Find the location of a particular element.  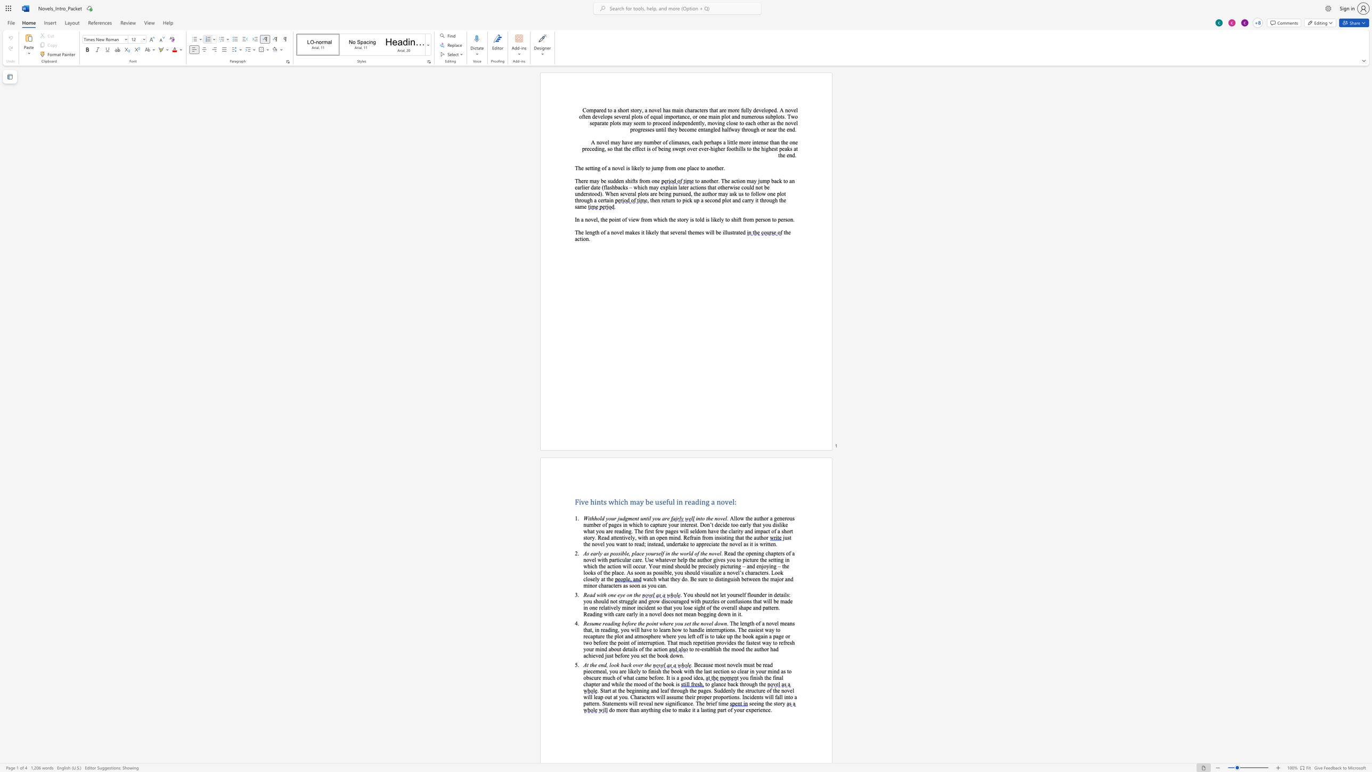

the space between the continuous character "o" and "o" in the text is located at coordinates (686, 677).